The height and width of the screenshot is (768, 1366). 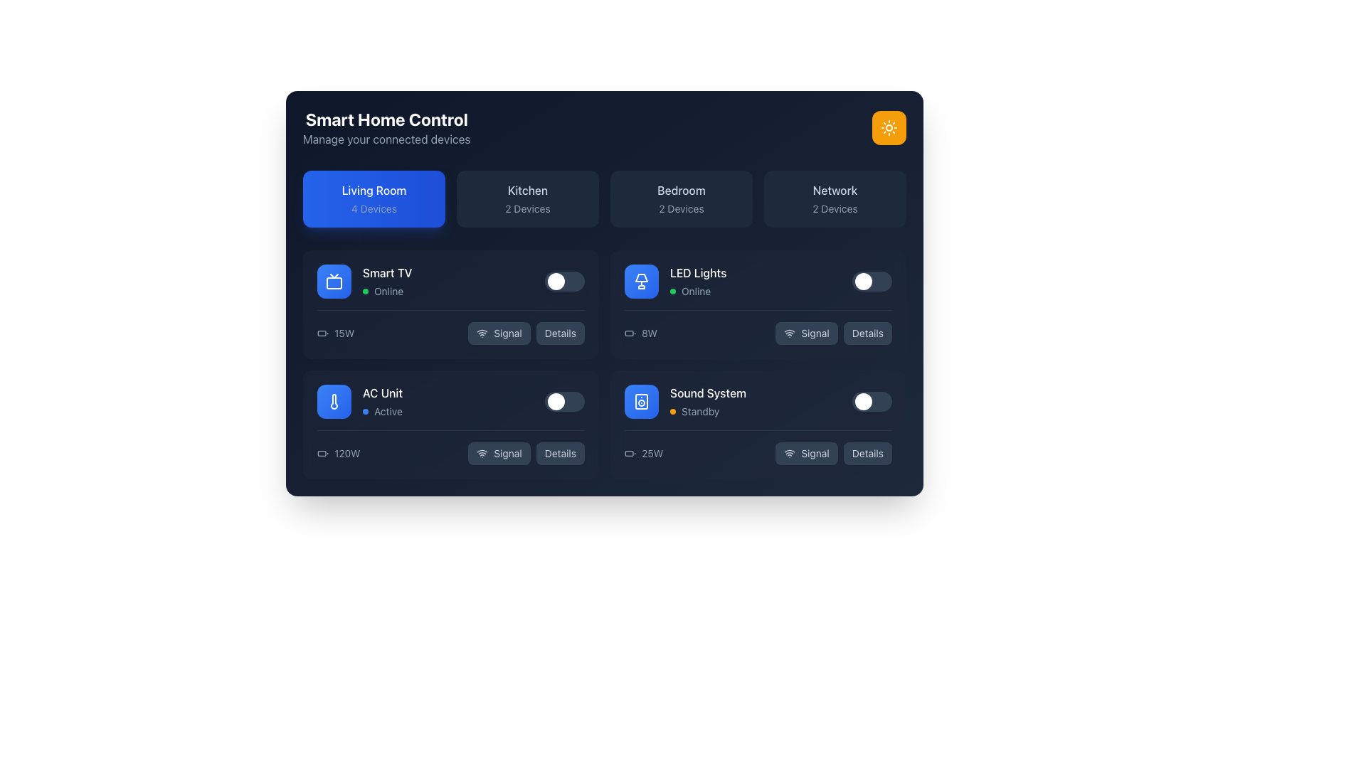 What do you see at coordinates (708, 401) in the screenshot?
I see `the sound system device` at bounding box center [708, 401].